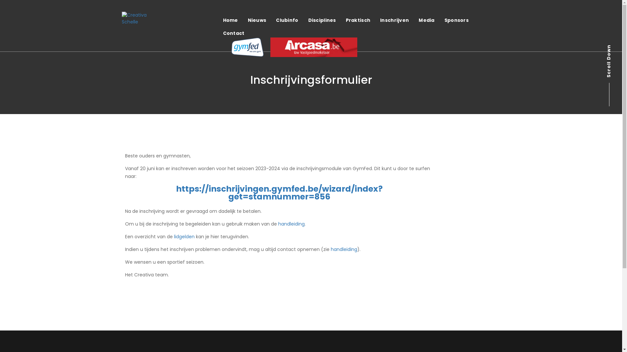 The width and height of the screenshot is (627, 352). Describe the element at coordinates (456, 20) in the screenshot. I see `'Sponsors'` at that location.